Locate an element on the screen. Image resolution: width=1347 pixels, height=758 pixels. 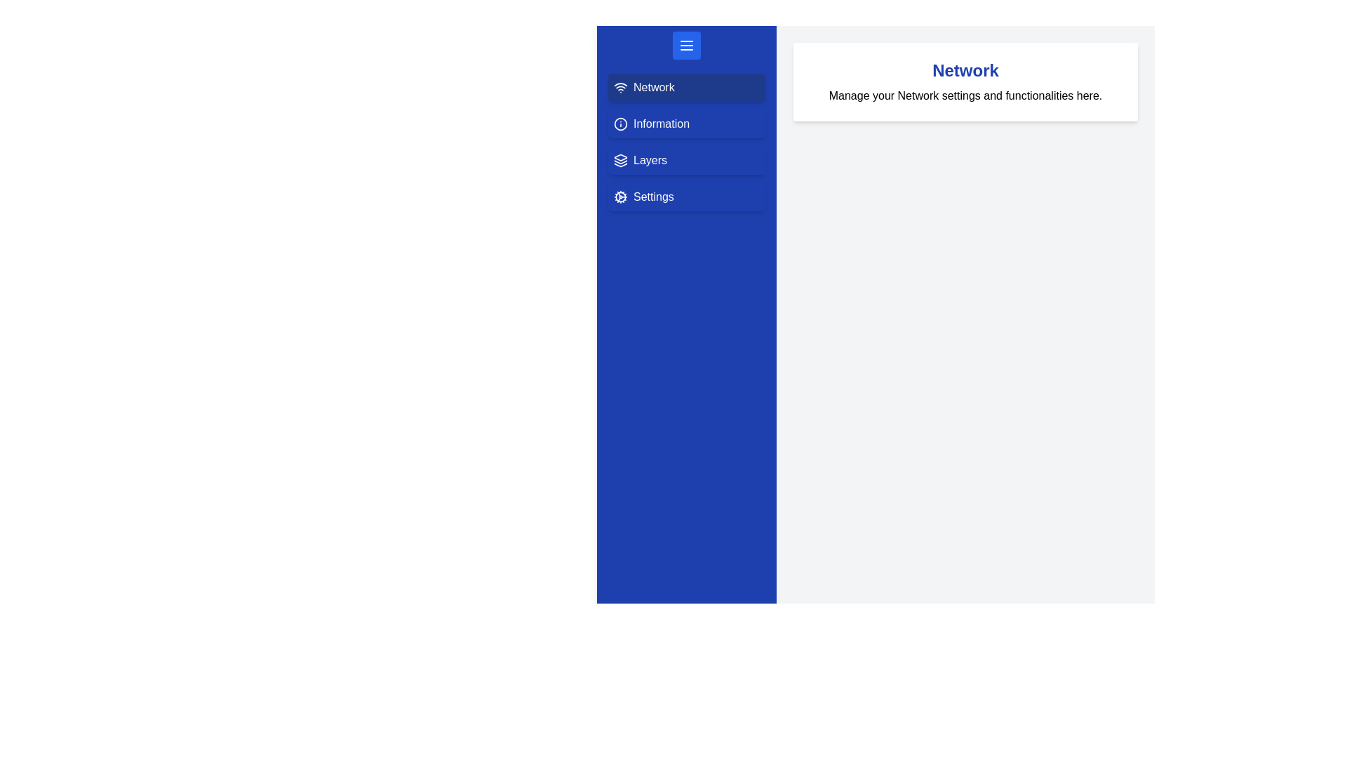
the drawer option labeled 'Settings' to observe the hover effect is located at coordinates (687, 197).